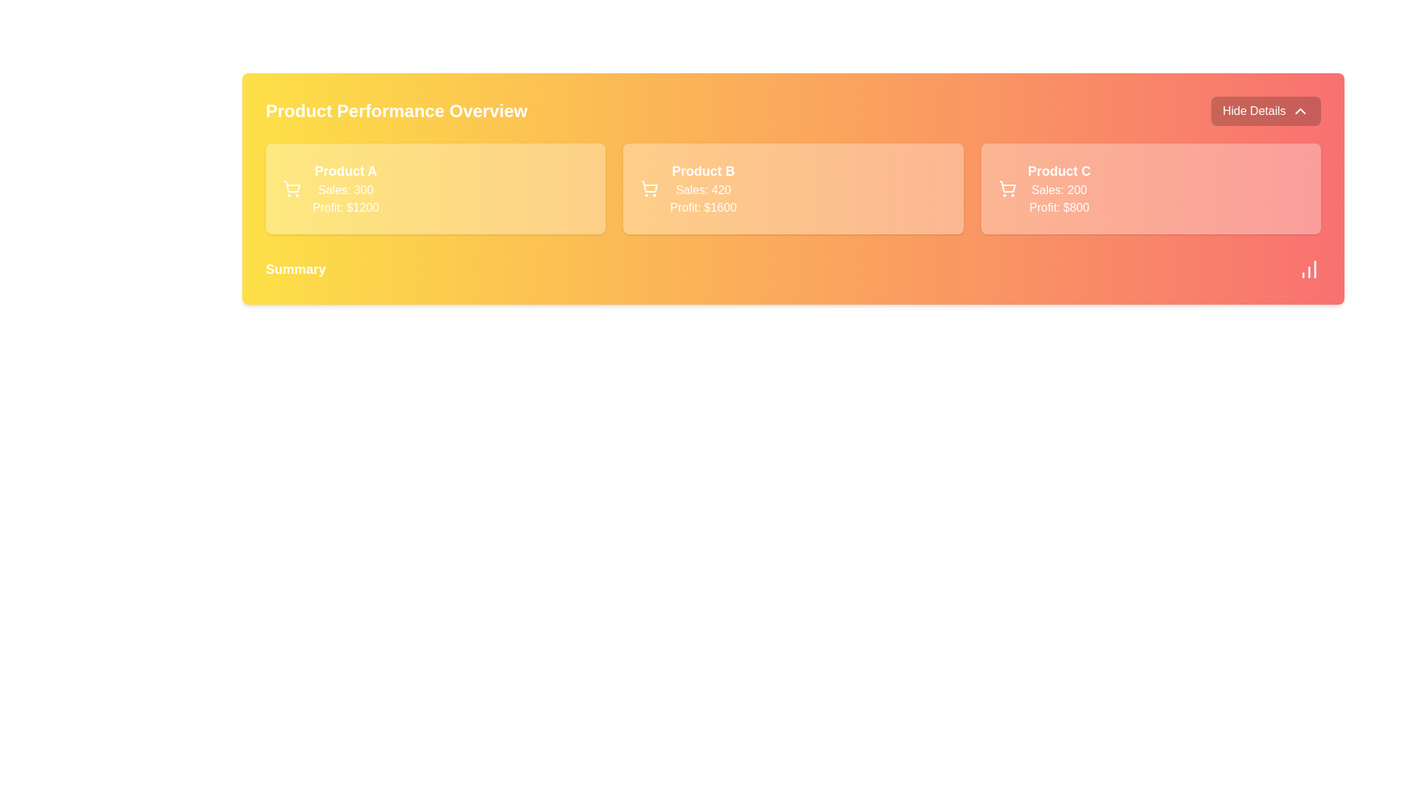  What do you see at coordinates (1006, 188) in the screenshot?
I see `the shopping cart icon located at the top-left corner of the 'Product C' card in the 'Product Performance Overview' section` at bounding box center [1006, 188].